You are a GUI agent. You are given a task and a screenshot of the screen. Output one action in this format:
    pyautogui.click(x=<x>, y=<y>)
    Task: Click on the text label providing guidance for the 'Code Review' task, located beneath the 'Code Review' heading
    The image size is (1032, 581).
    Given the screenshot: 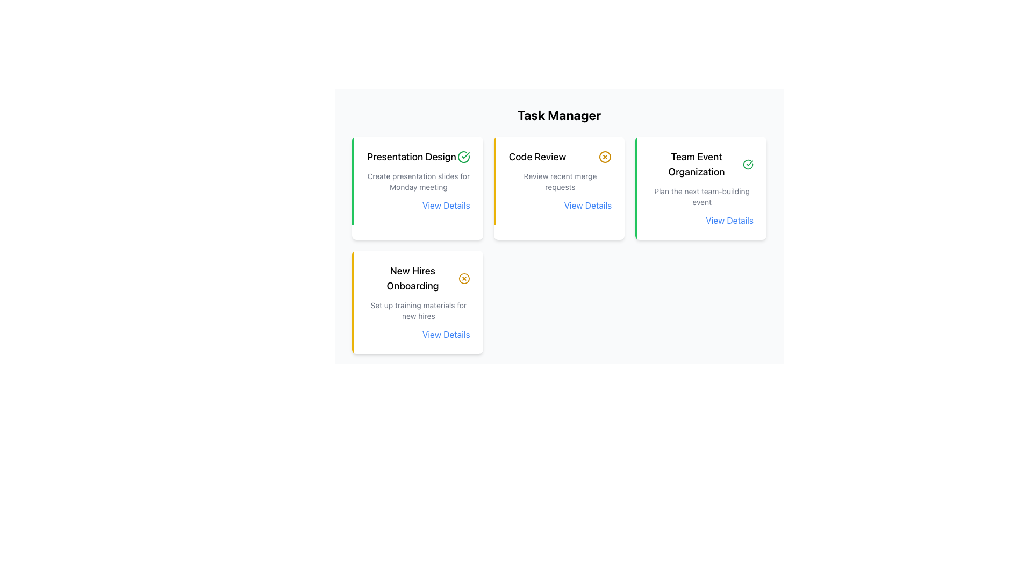 What is the action you would take?
    pyautogui.click(x=560, y=181)
    